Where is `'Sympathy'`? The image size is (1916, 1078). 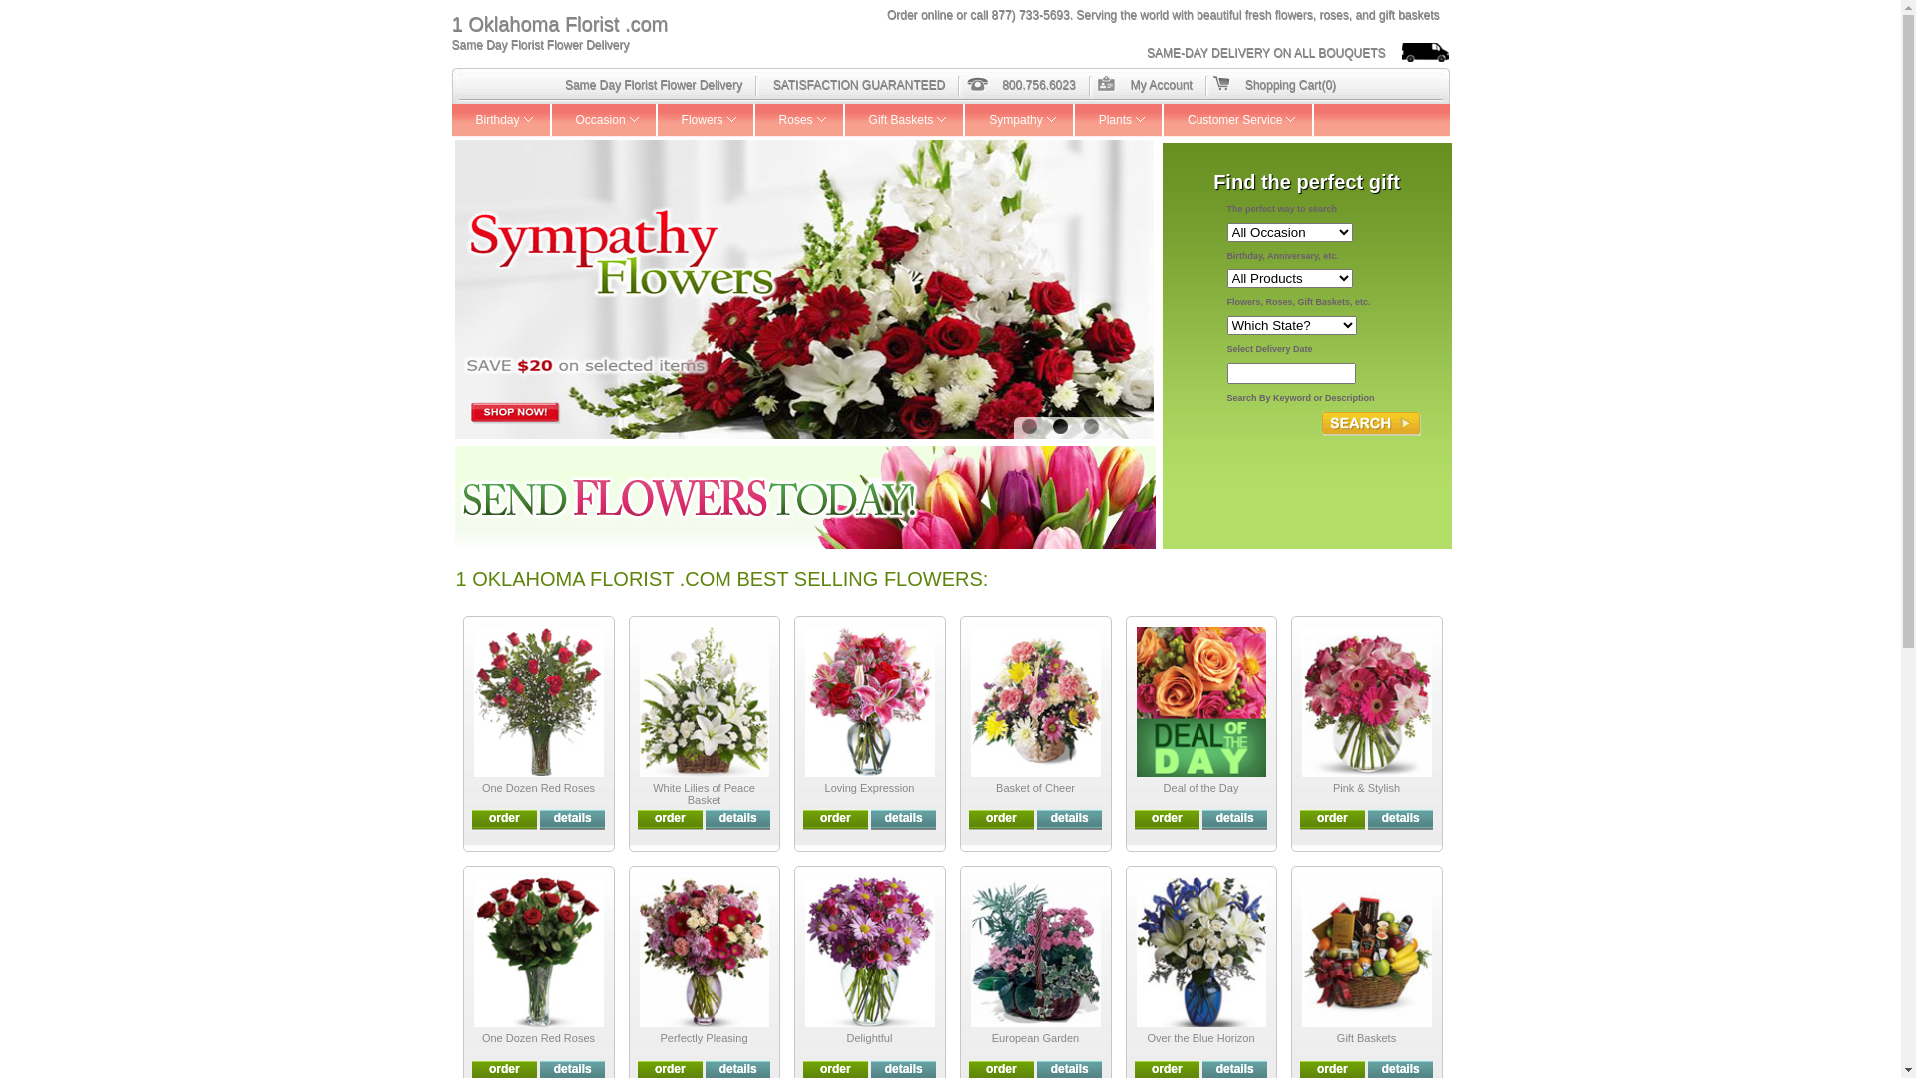
'Sympathy' is located at coordinates (1019, 119).